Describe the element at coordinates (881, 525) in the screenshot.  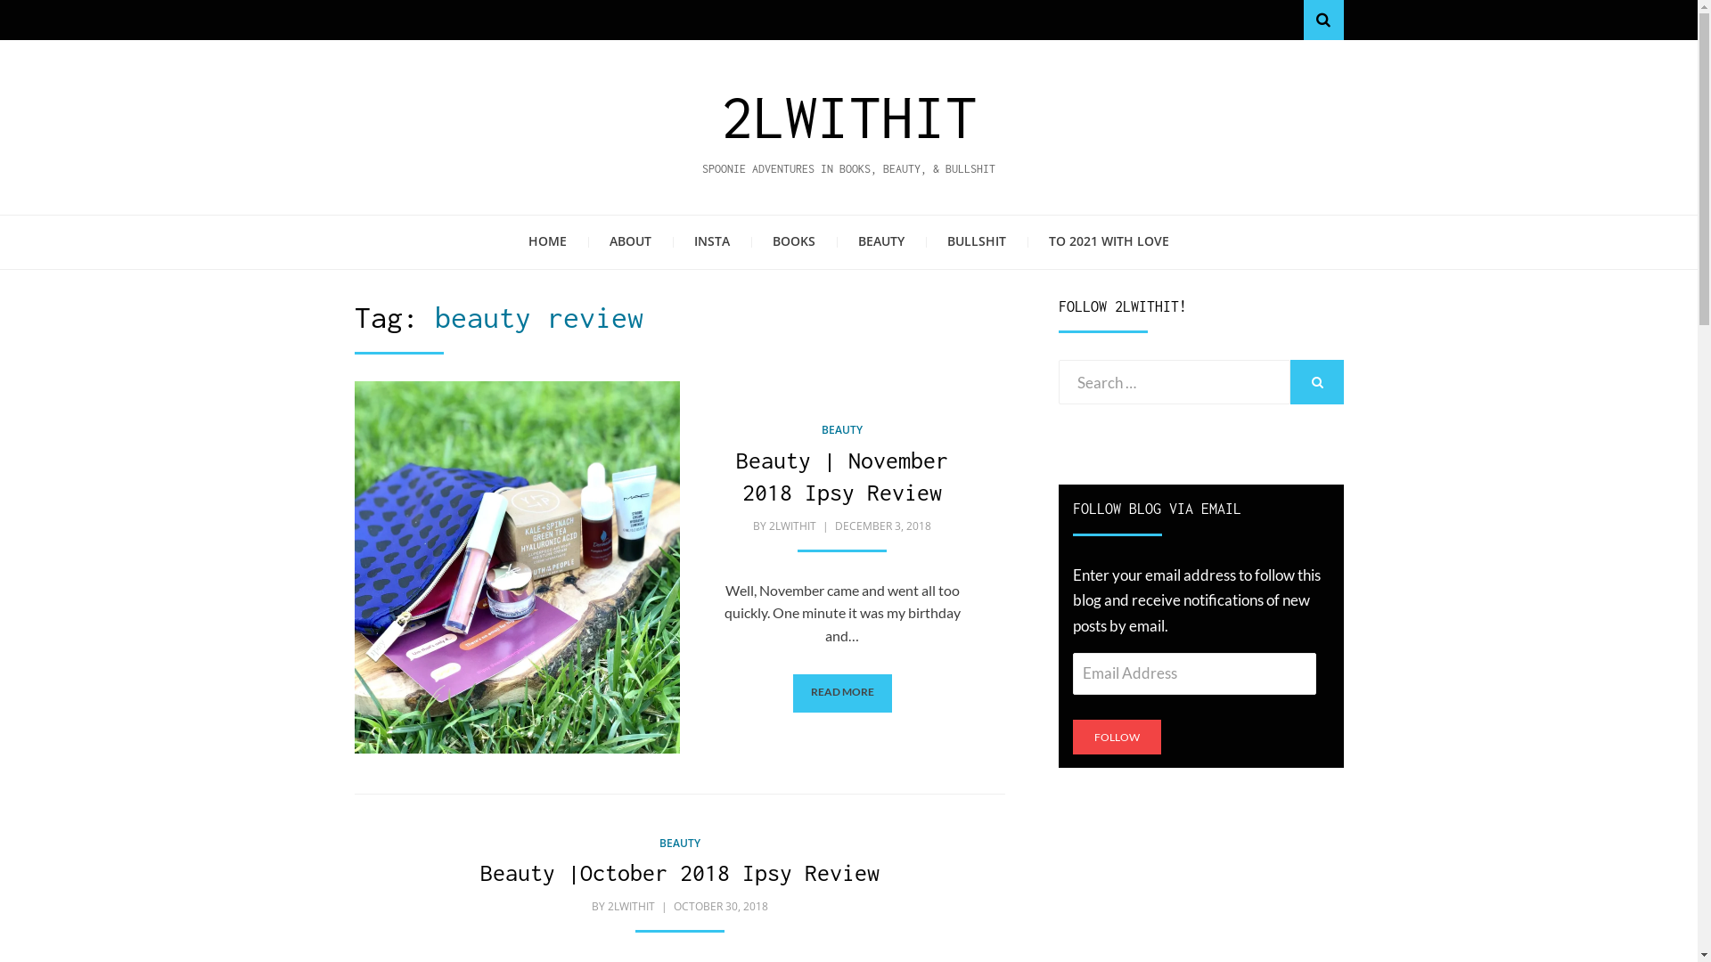
I see `'DECEMBER 3, 2018'` at that location.